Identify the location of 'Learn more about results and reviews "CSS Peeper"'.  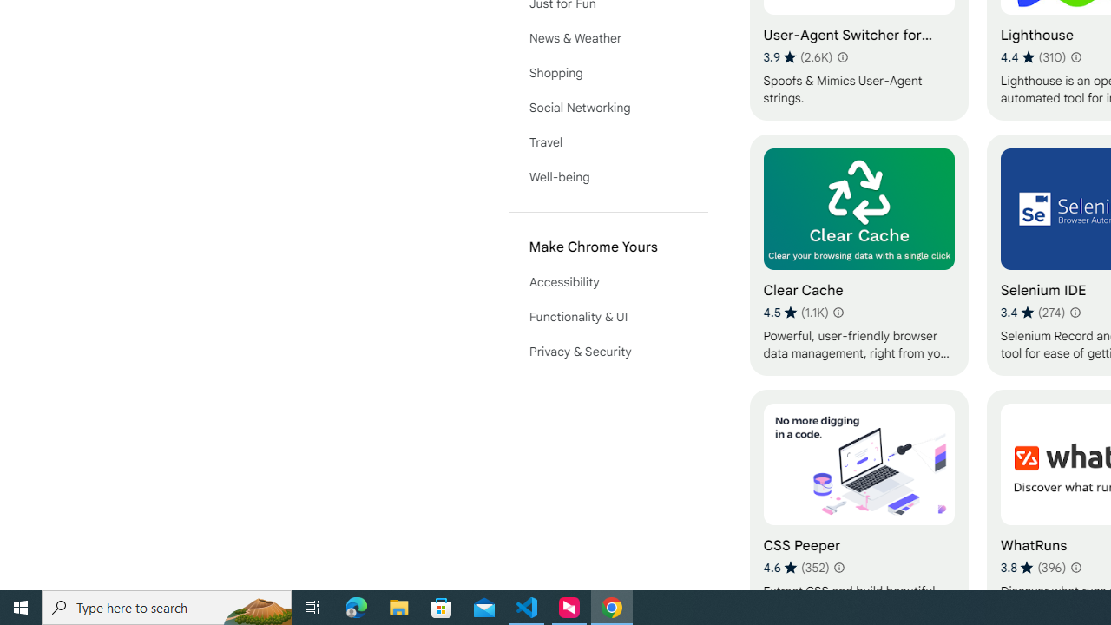
(839, 568).